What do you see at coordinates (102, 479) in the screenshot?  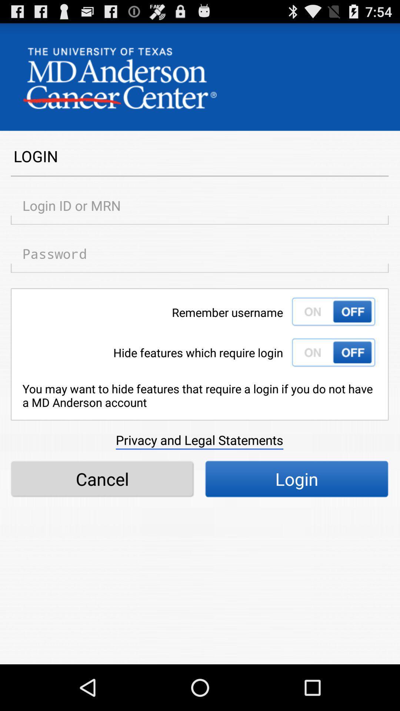 I see `cancel icon` at bounding box center [102, 479].